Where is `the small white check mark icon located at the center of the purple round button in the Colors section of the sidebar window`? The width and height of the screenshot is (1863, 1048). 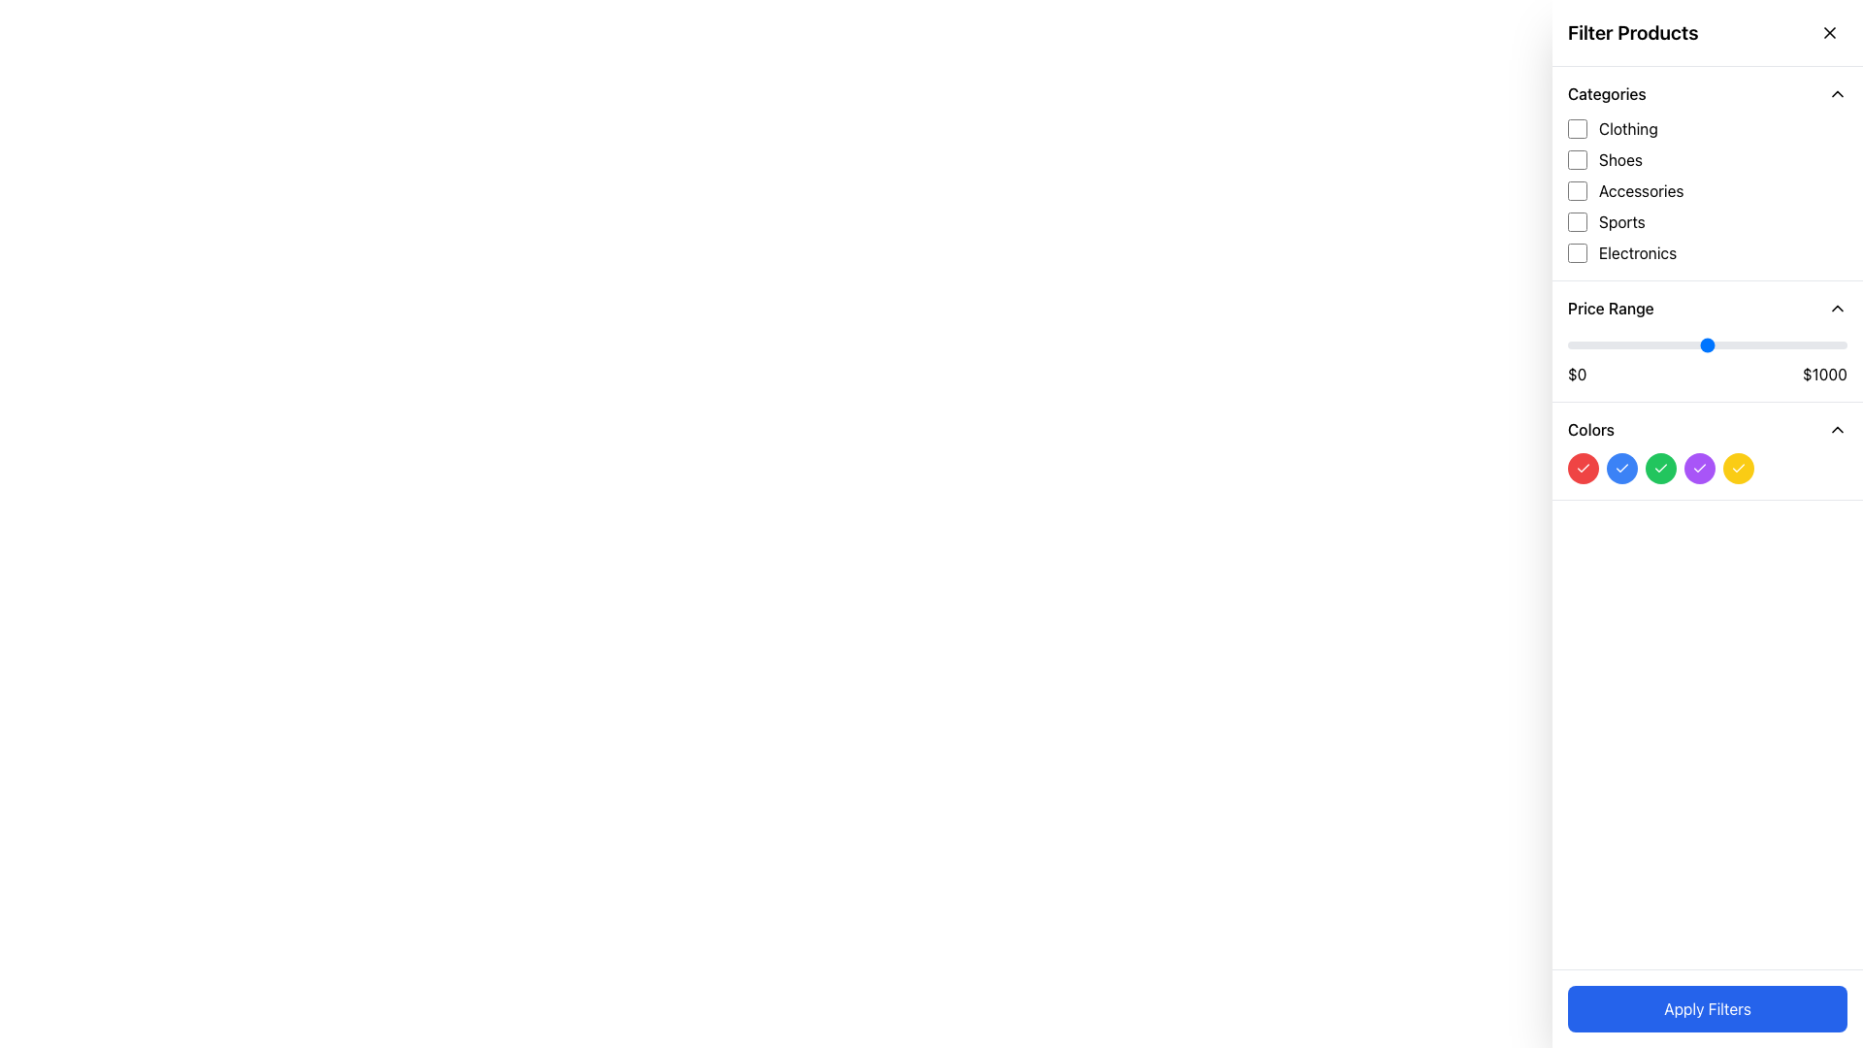 the small white check mark icon located at the center of the purple round button in the Colors section of the sidebar window is located at coordinates (1699, 468).